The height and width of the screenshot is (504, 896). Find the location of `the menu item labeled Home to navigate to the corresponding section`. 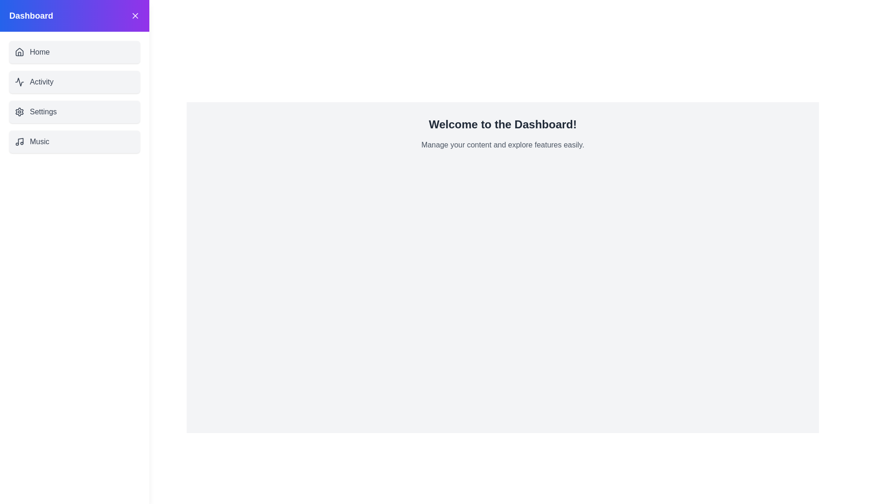

the menu item labeled Home to navigate to the corresponding section is located at coordinates (74, 52).